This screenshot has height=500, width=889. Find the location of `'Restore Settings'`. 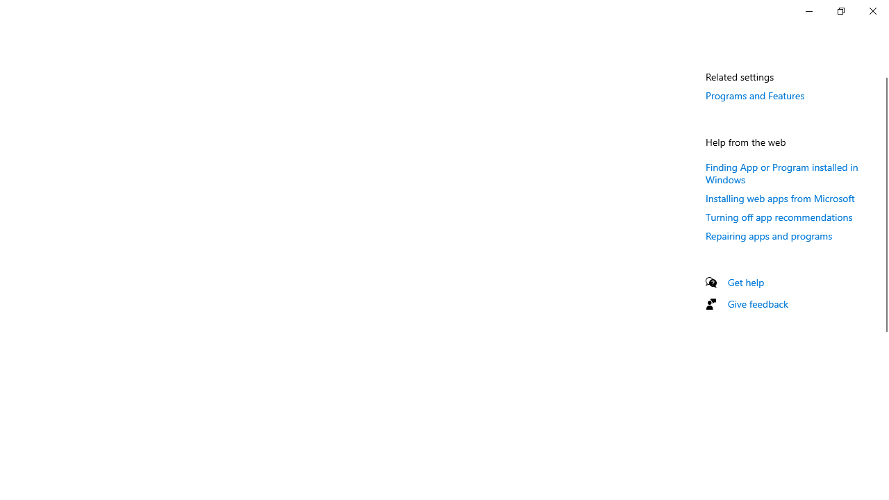

'Restore Settings' is located at coordinates (840, 10).